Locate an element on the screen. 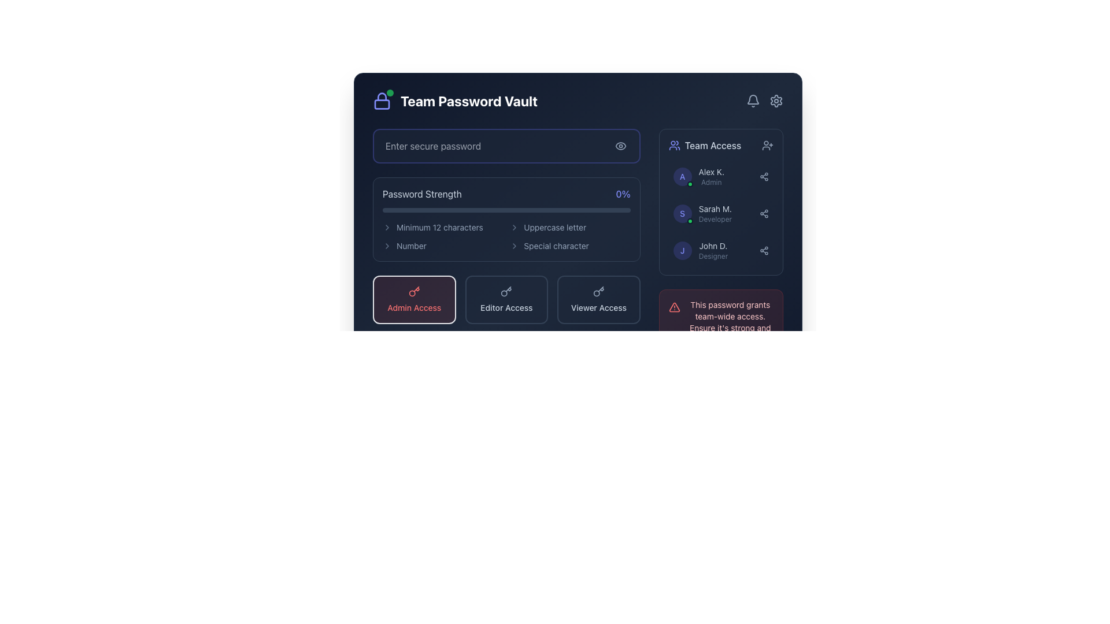 The height and width of the screenshot is (624, 1110). the share icon located at the far right of the list item for 'John D. Designer' in the Team Access panel is located at coordinates (720, 250).